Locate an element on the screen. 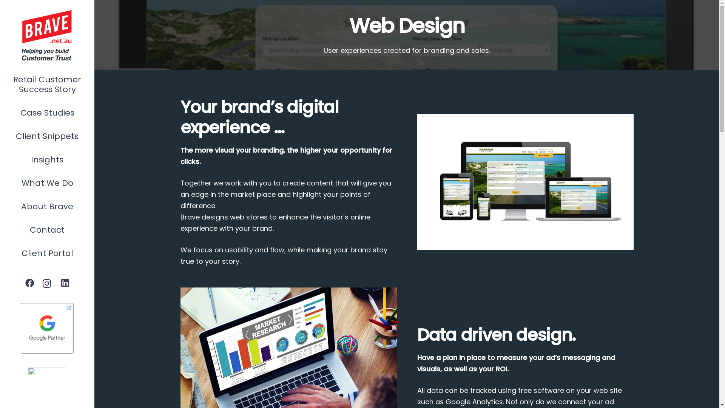 Image resolution: width=725 pixels, height=408 pixels. 'Contact' is located at coordinates (0, 230).